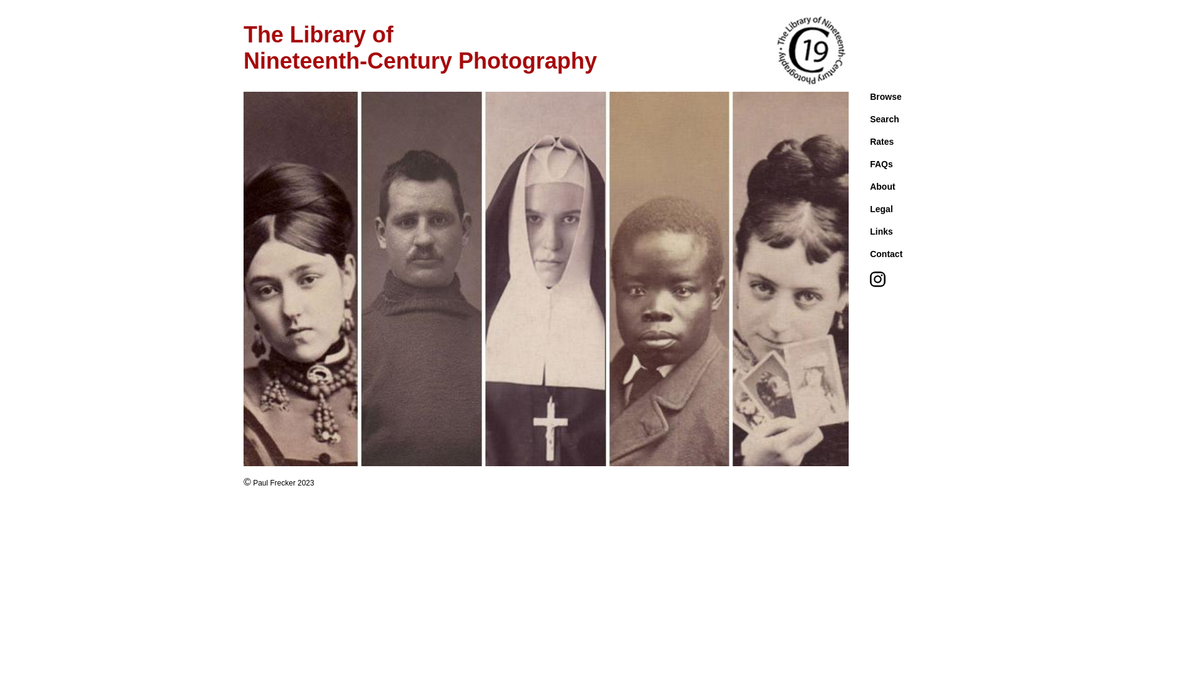  Describe the element at coordinates (884, 119) in the screenshot. I see `'Search'` at that location.